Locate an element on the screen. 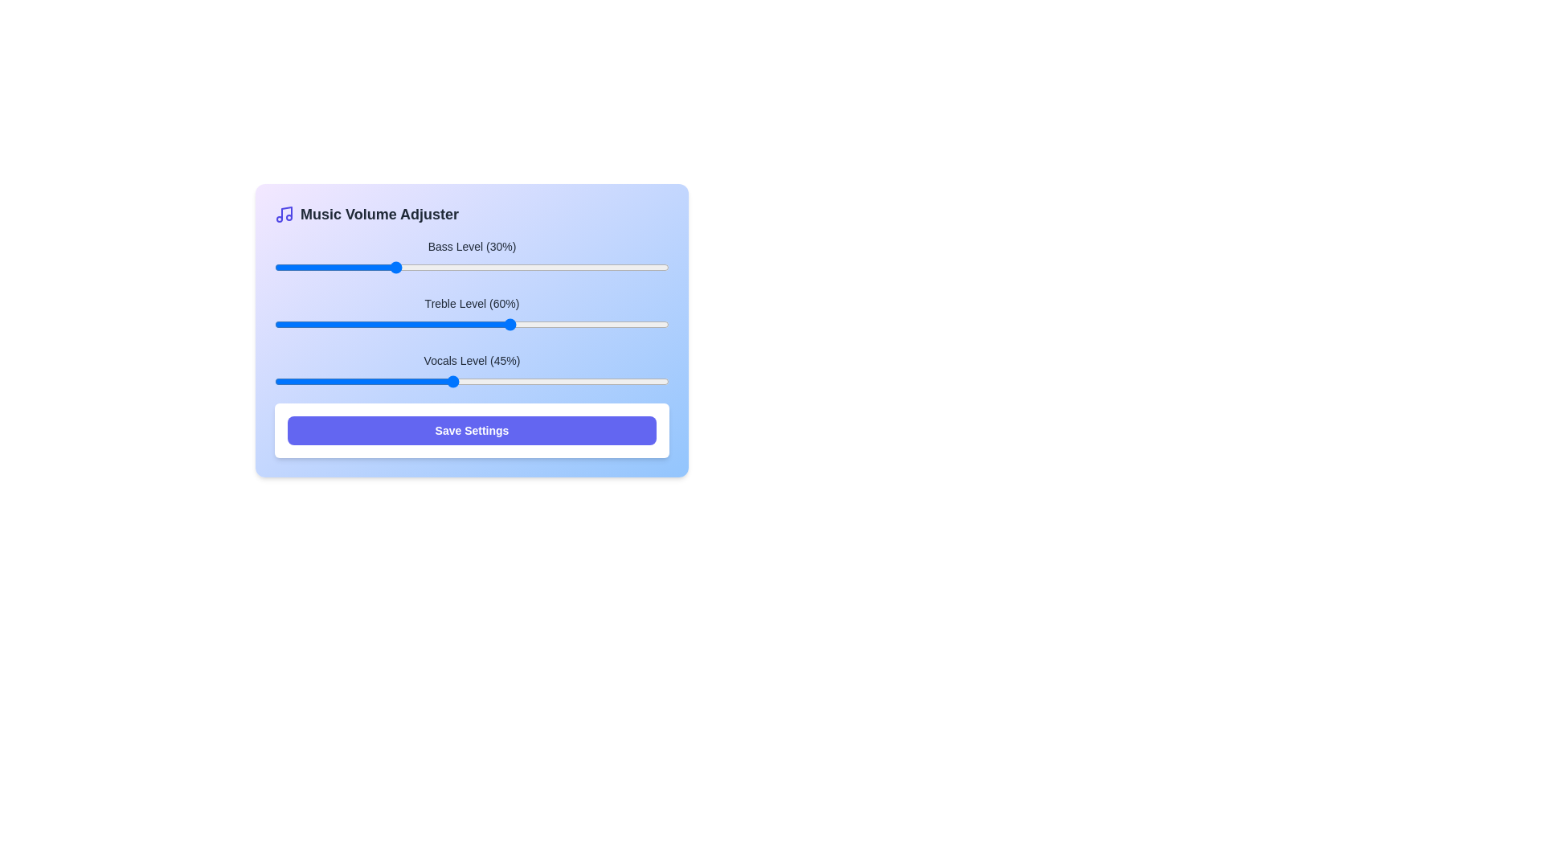 The height and width of the screenshot is (868, 1543). the Vocals Level slider is located at coordinates (579, 381).